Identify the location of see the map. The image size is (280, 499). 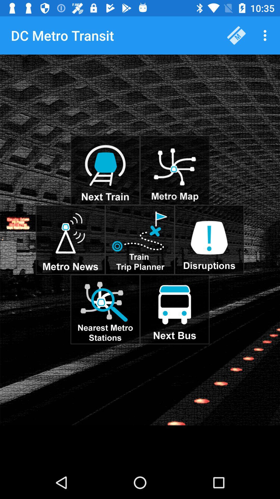
(174, 170).